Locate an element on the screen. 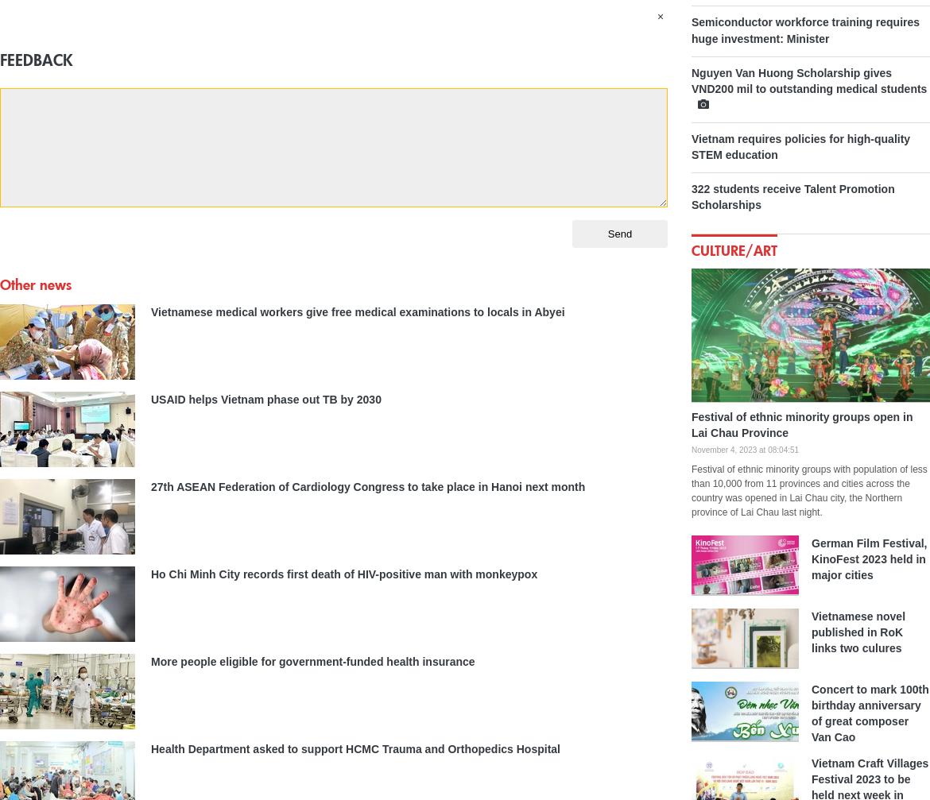 The width and height of the screenshot is (930, 800). 'More people eligible for government-funded health insurance' is located at coordinates (312, 659).